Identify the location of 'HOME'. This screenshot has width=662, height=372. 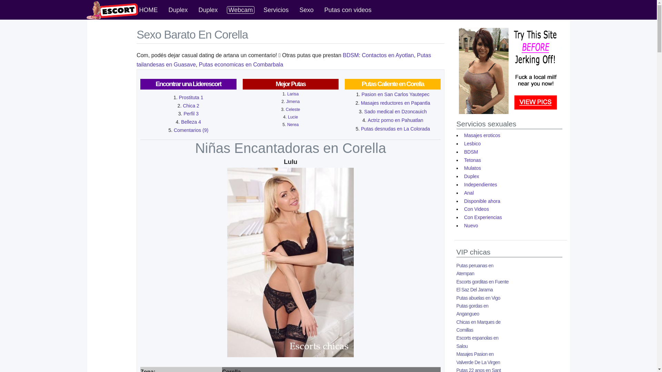
(148, 10).